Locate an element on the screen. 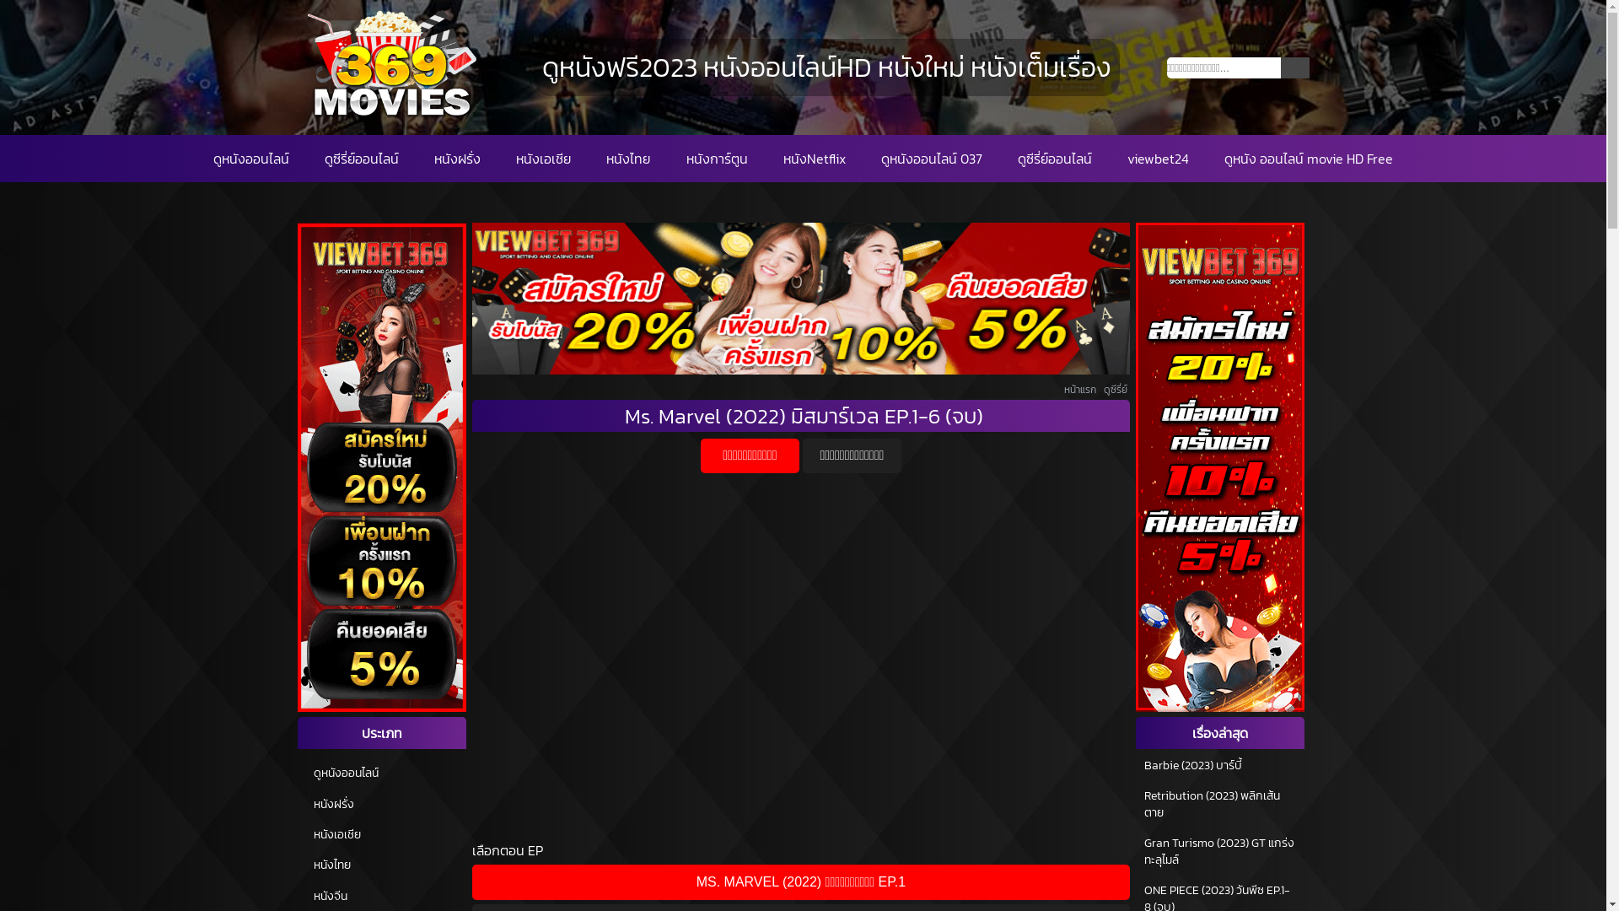  'viewbet24' is located at coordinates (1127, 159).